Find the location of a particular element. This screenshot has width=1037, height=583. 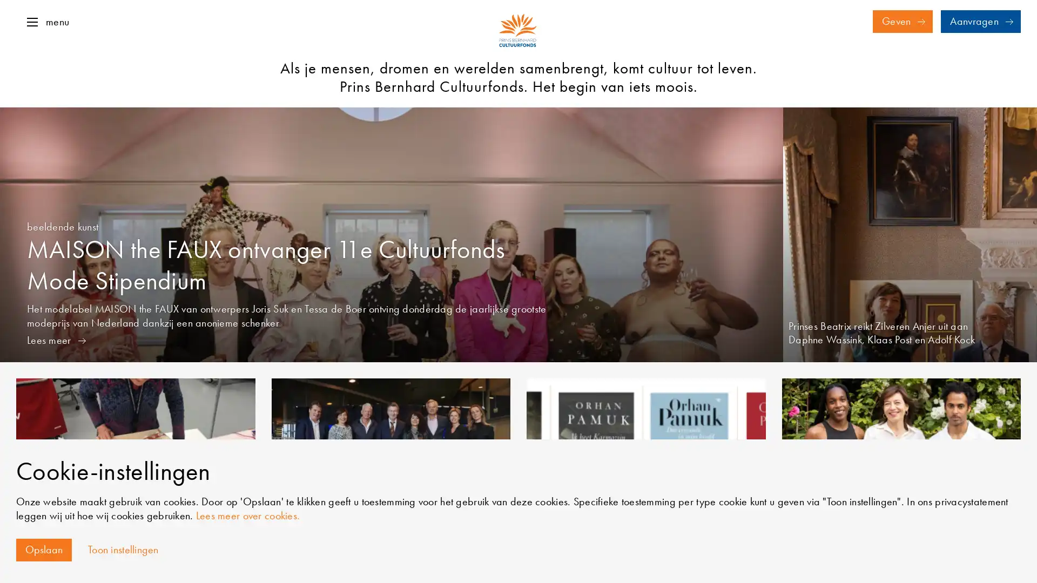

Opslaan is located at coordinates (43, 550).